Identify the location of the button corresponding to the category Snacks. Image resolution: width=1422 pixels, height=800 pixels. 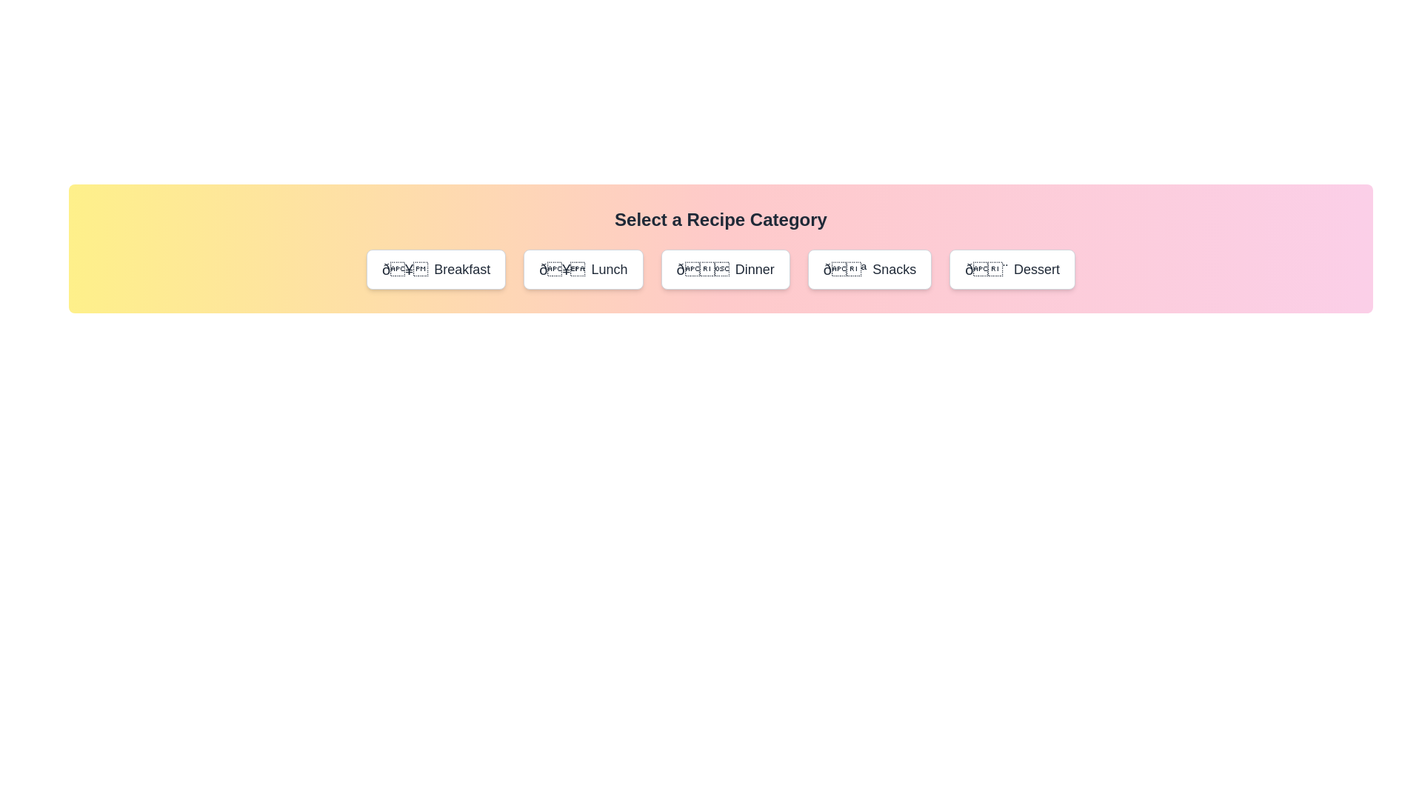
(869, 269).